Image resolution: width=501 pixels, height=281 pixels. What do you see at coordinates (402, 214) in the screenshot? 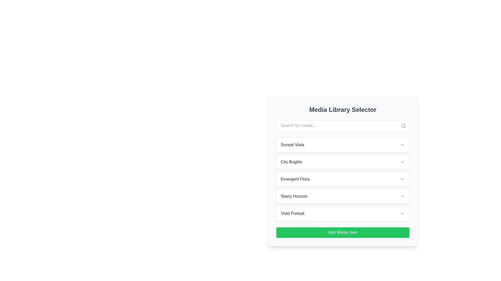
I see `the dropdown arrow icon next to 'Vivid Portrait'` at bounding box center [402, 214].